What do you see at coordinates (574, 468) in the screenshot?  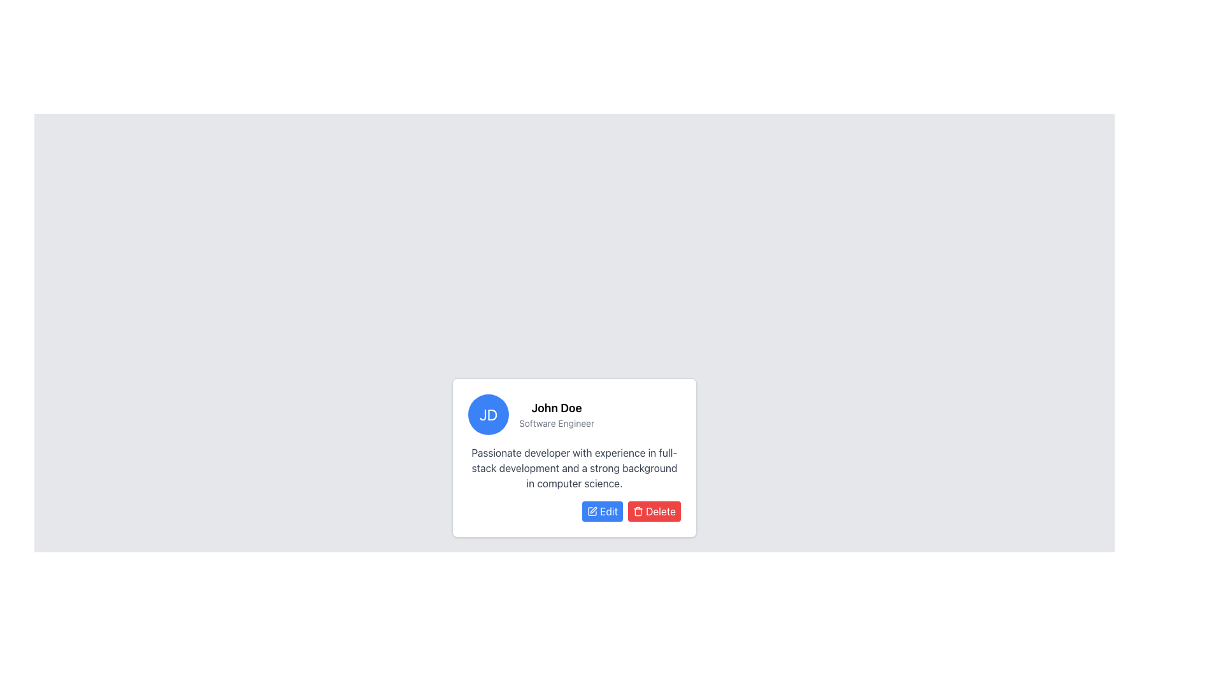 I see `text from the Text Block located below the name 'John Doe' and title 'Software Engineer' in the profile card, centered horizontally above the Edit and Delete buttons` at bounding box center [574, 468].